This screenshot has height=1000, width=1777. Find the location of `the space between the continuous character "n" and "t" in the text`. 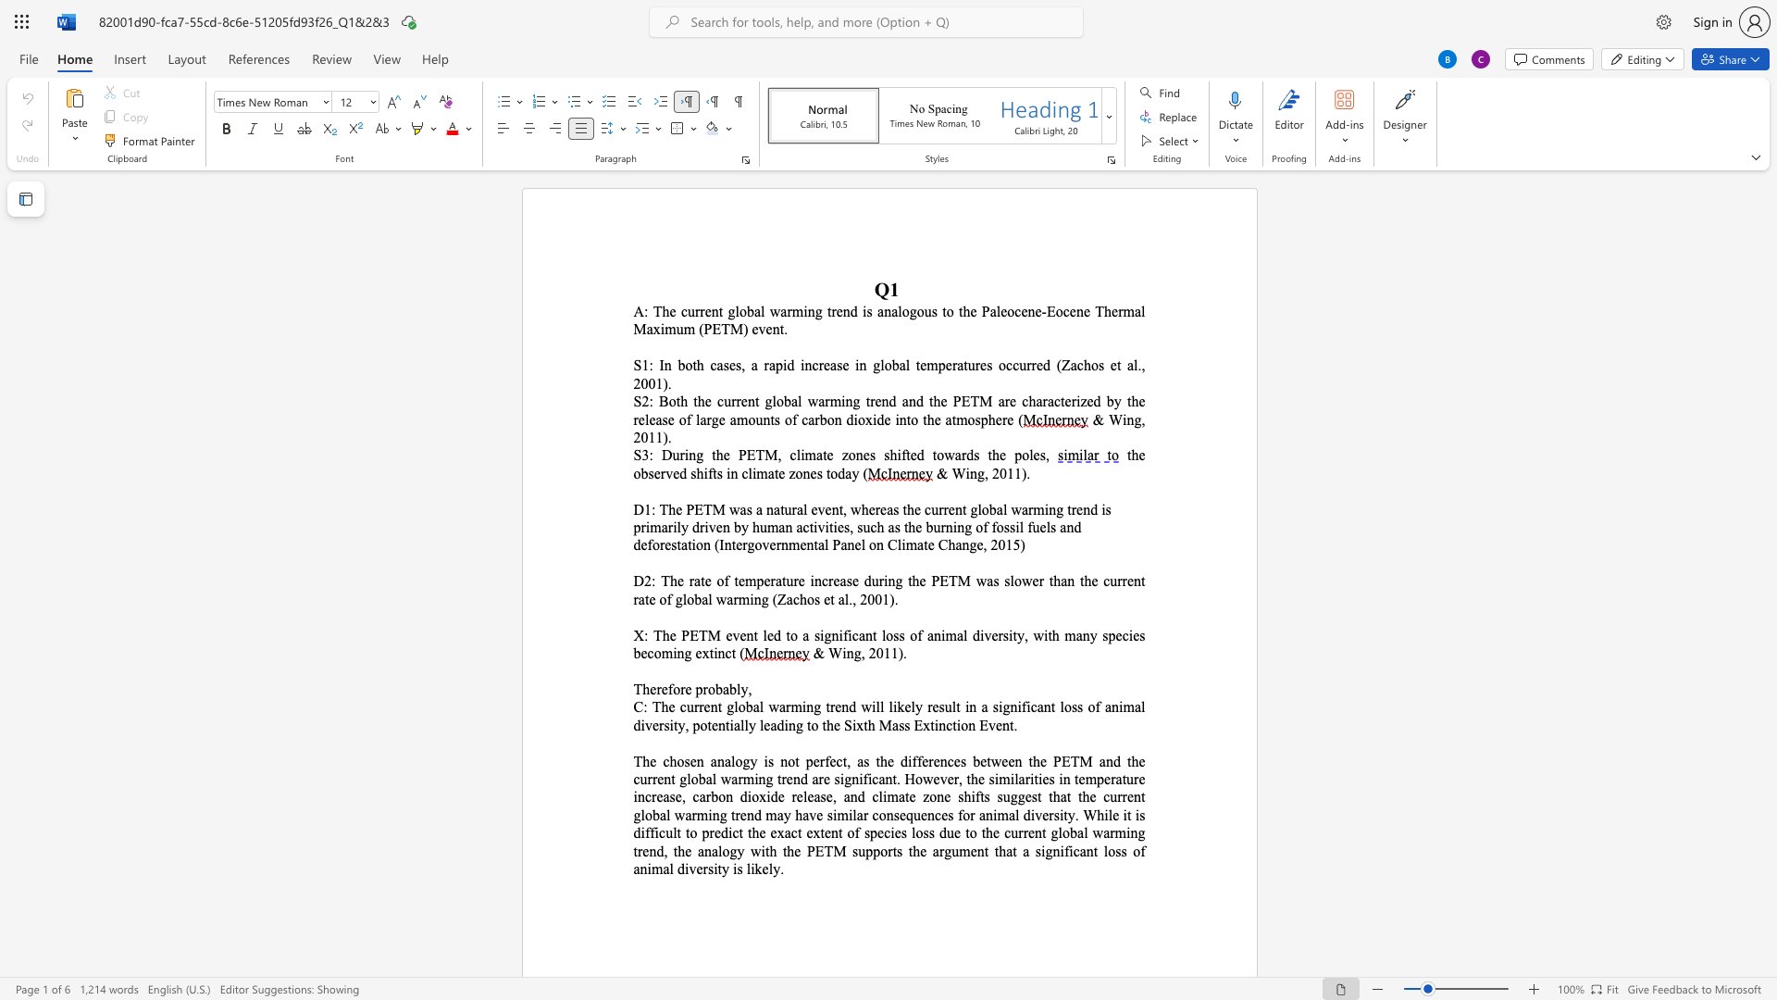

the space between the continuous character "n" and "t" in the text is located at coordinates (837, 509).